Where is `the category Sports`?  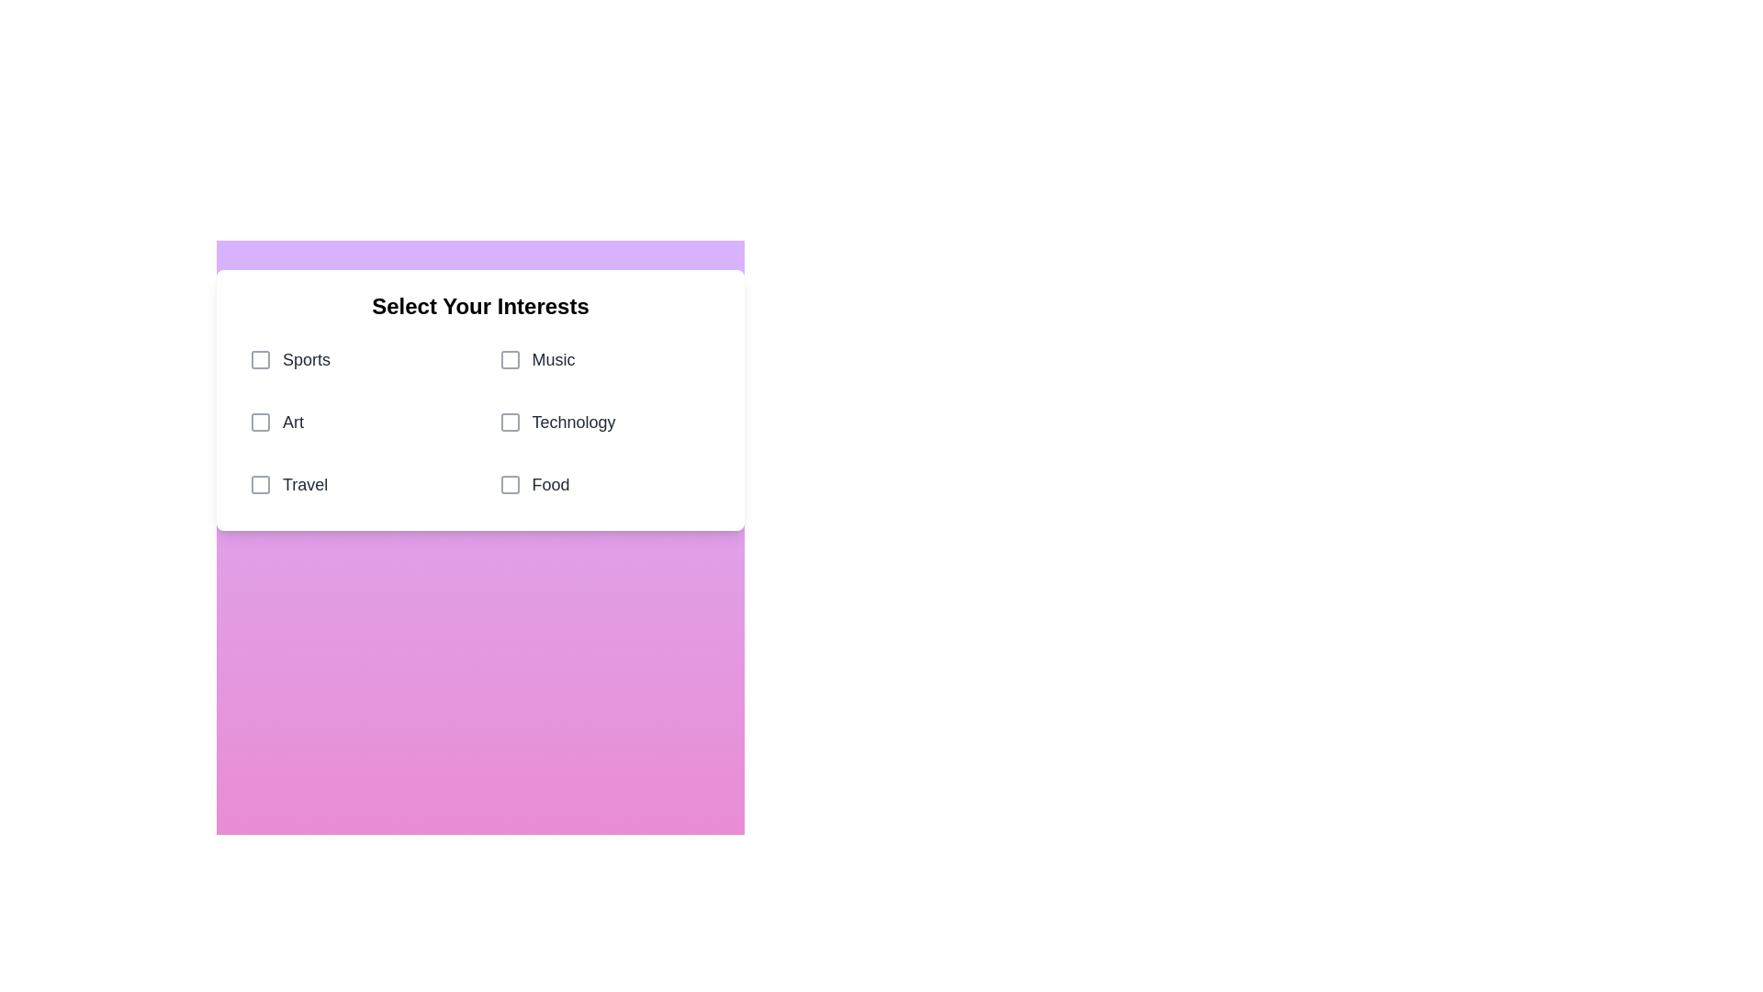 the category Sports is located at coordinates (355, 360).